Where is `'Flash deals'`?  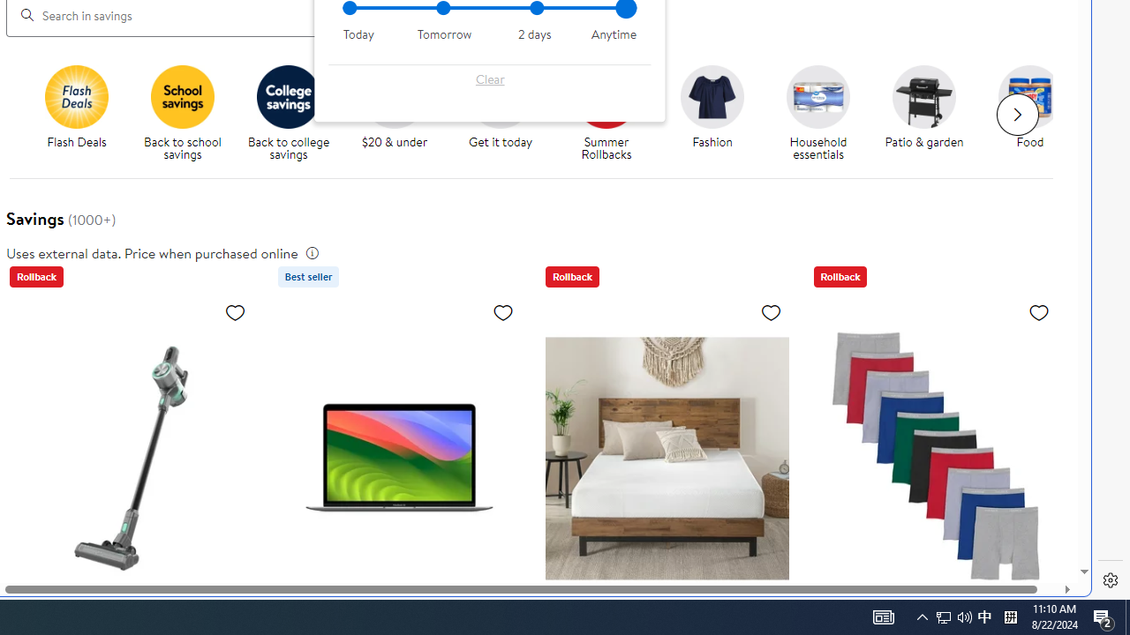
'Flash deals' is located at coordinates (76, 96).